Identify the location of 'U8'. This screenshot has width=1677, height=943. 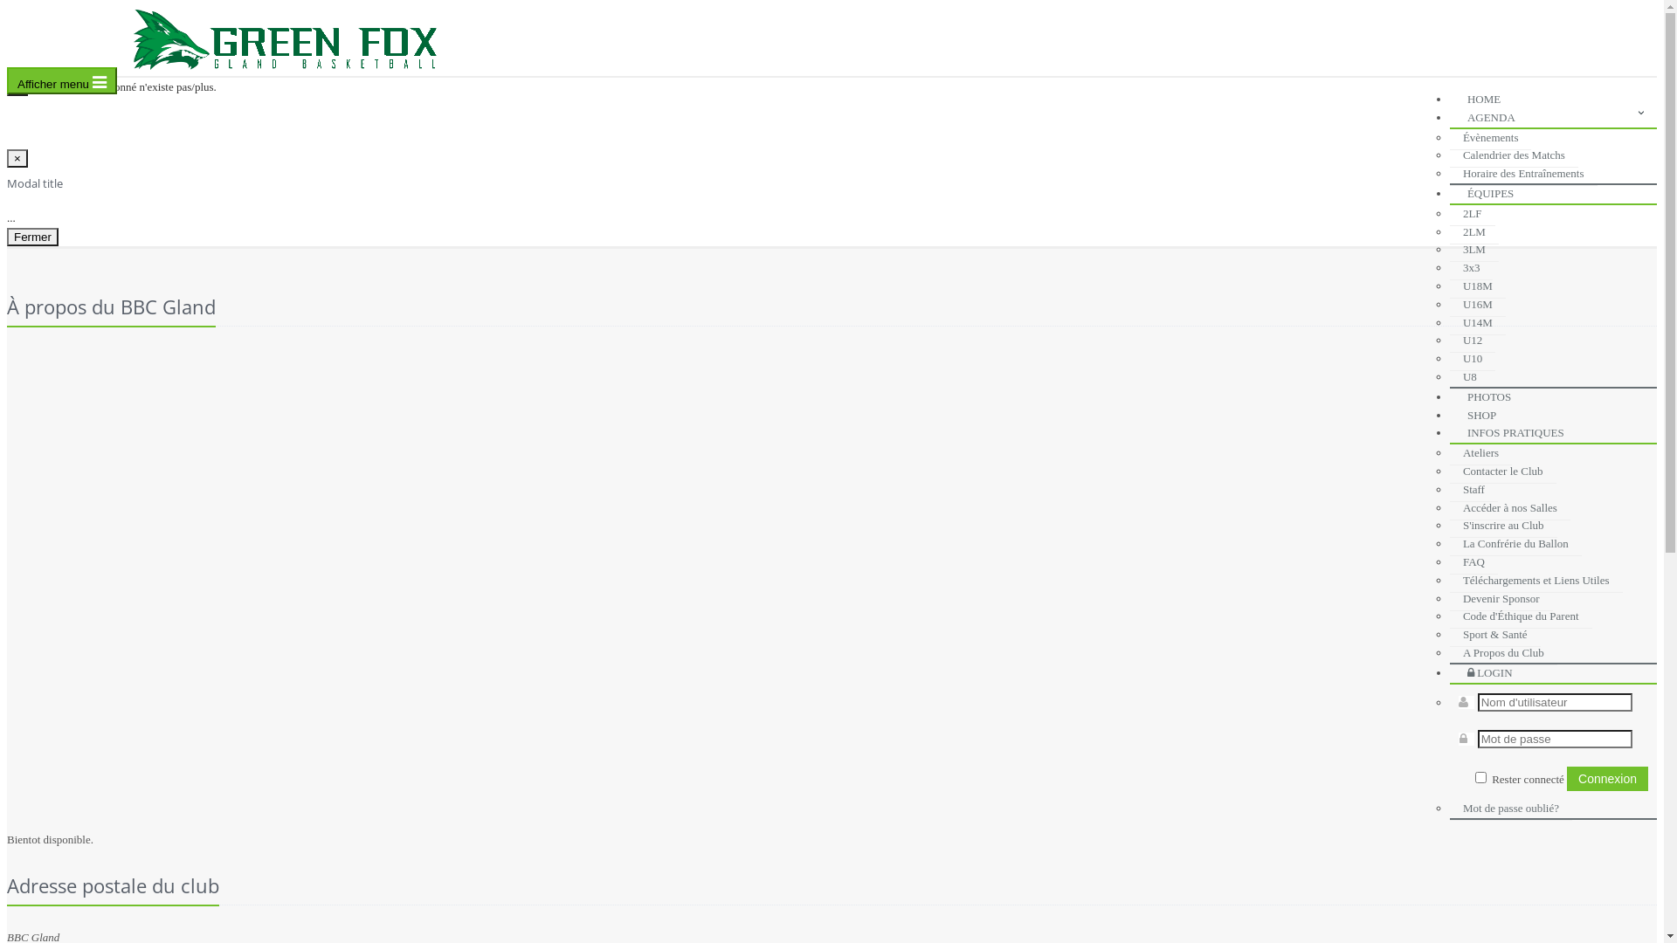
(1469, 376).